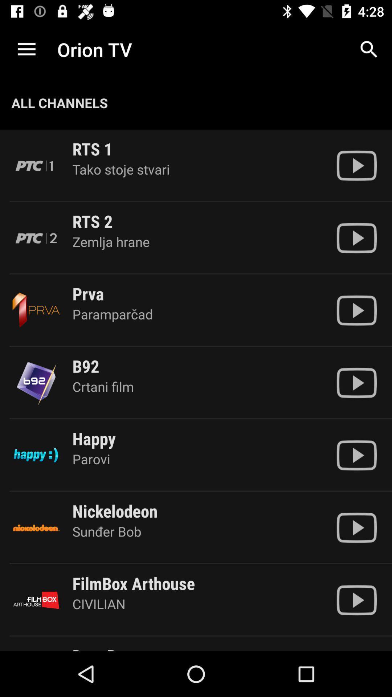 This screenshot has height=697, width=392. Describe the element at coordinates (59, 102) in the screenshot. I see `all channels icon` at that location.